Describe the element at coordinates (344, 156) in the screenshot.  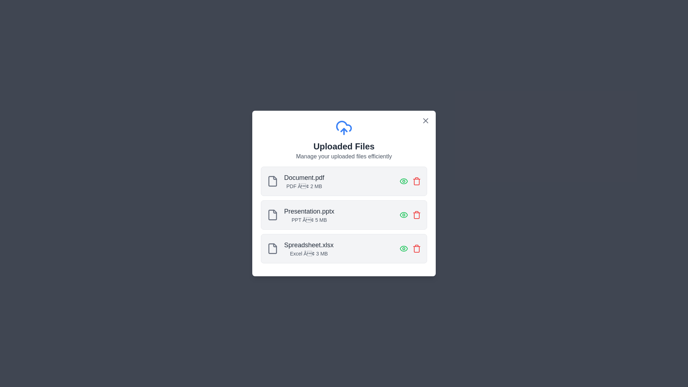
I see `the static text label that provides guidance on managing uploaded files, positioned below the title 'Uploaded Files' in the modal interface` at that location.